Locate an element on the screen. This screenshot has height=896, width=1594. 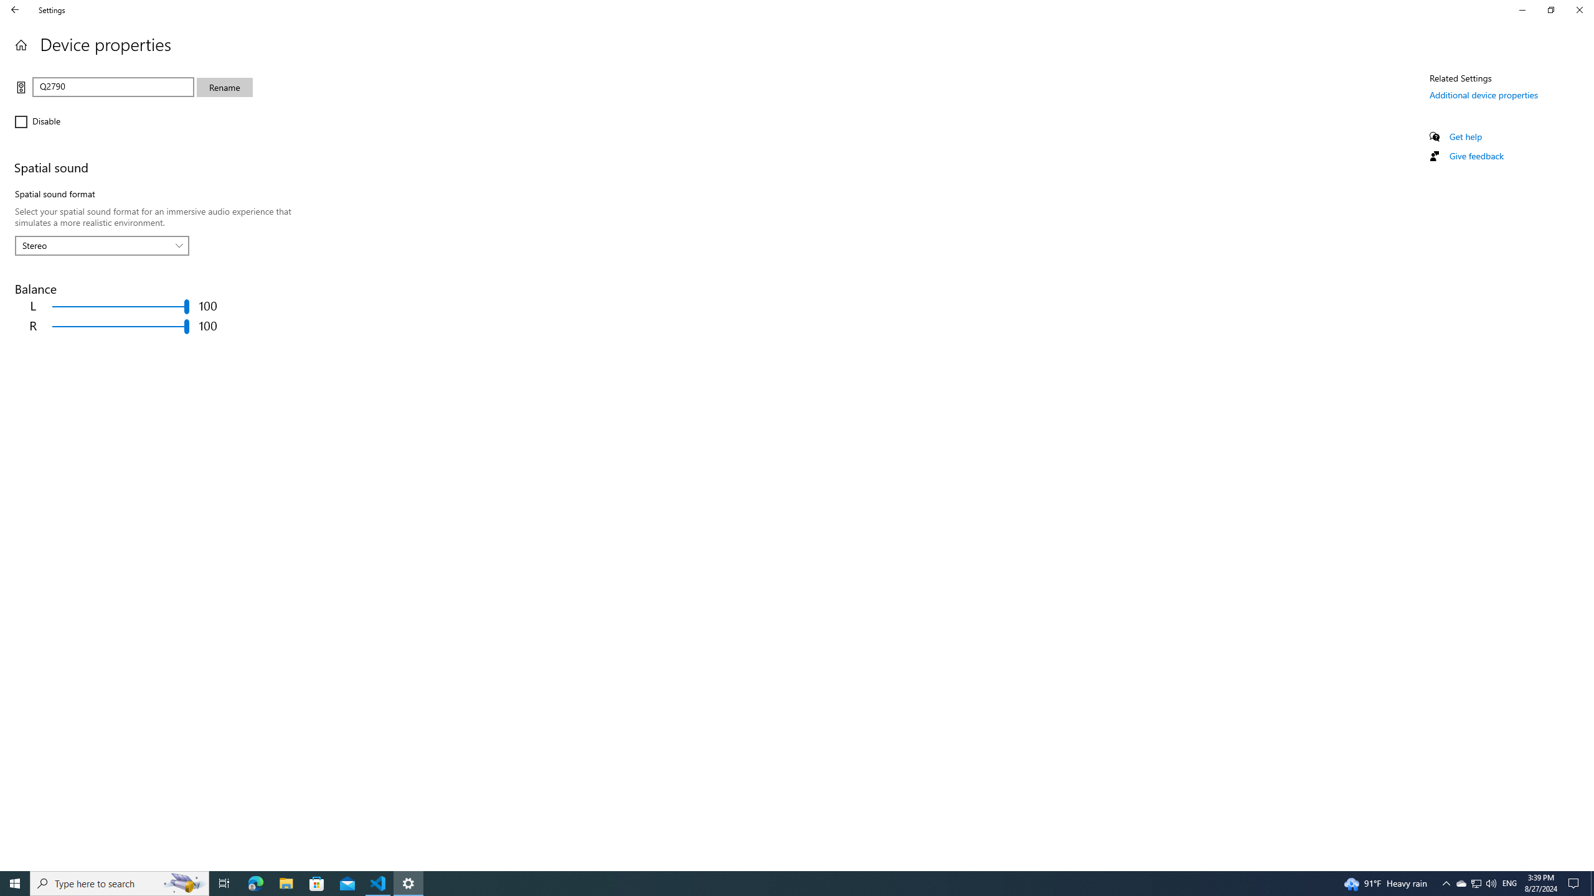
'Get help' is located at coordinates (1464, 136).